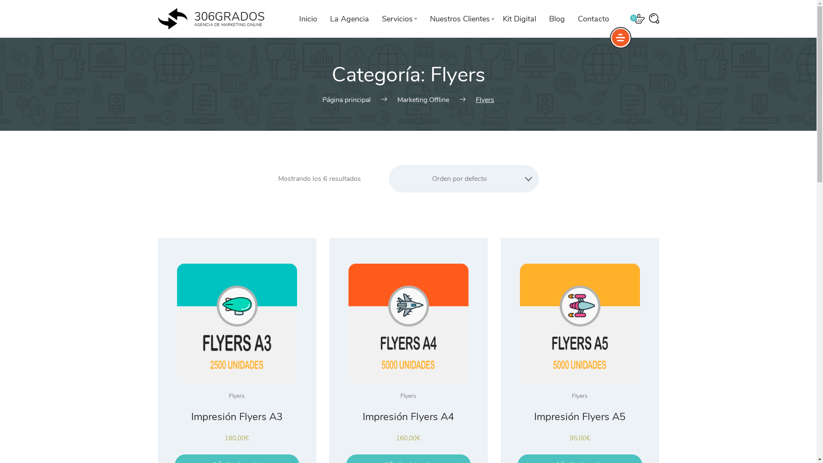 The height and width of the screenshot is (463, 823). What do you see at coordinates (593, 18) in the screenshot?
I see `'Contacto'` at bounding box center [593, 18].